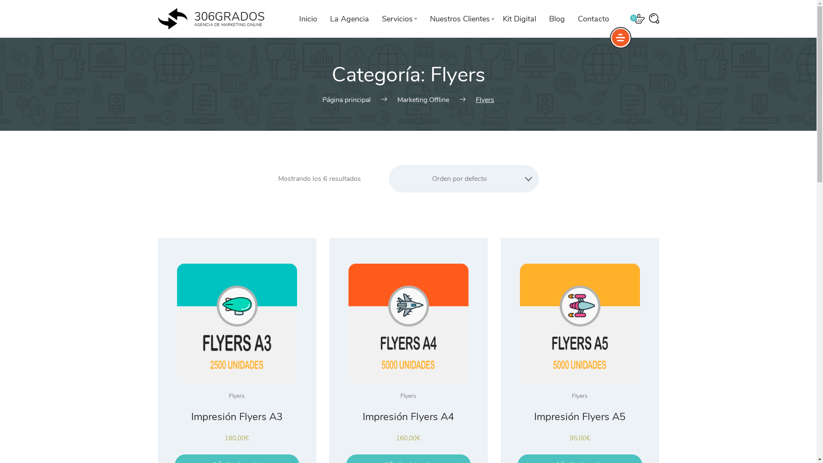 The height and width of the screenshot is (463, 823). What do you see at coordinates (593, 18) in the screenshot?
I see `'Contacto'` at bounding box center [593, 18].